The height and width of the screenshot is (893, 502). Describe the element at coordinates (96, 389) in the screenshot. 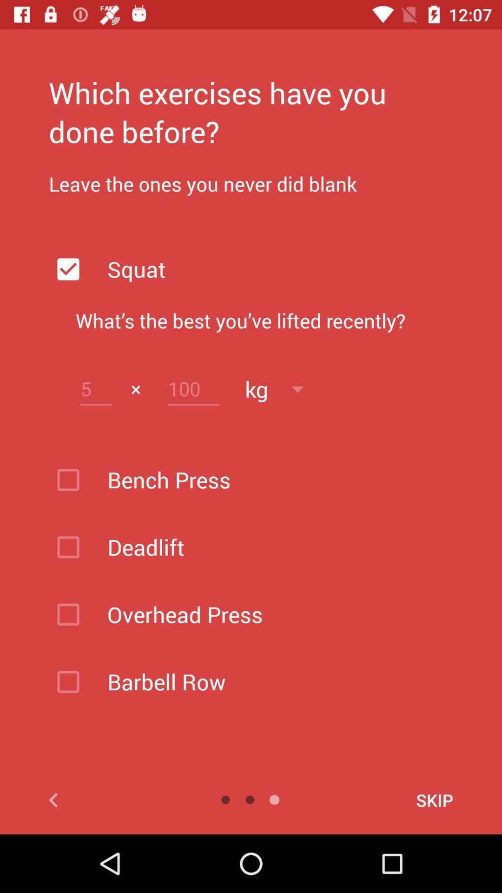

I see `number` at that location.